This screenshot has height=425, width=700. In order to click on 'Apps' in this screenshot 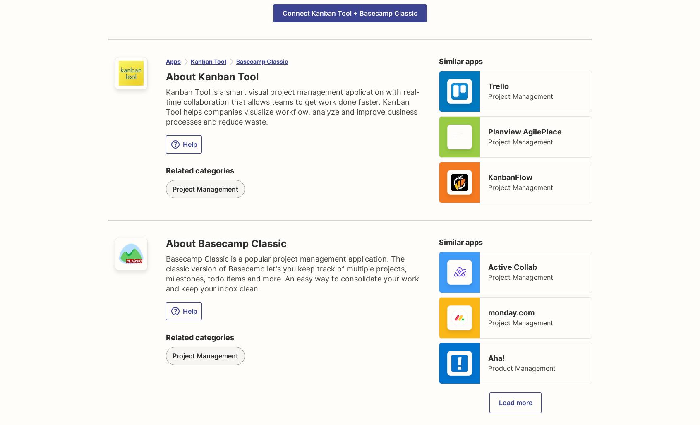, I will do `click(173, 61)`.